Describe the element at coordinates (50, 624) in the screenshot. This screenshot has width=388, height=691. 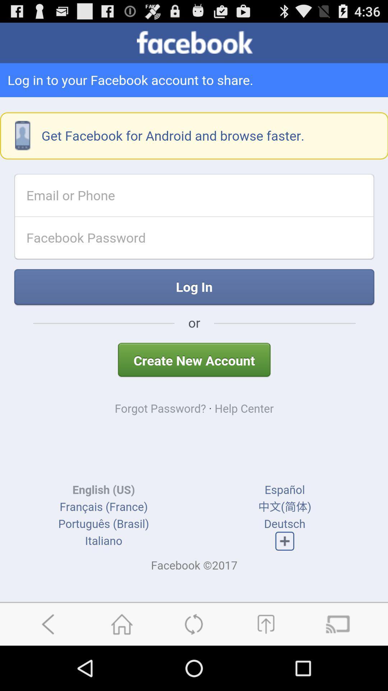
I see `go back` at that location.